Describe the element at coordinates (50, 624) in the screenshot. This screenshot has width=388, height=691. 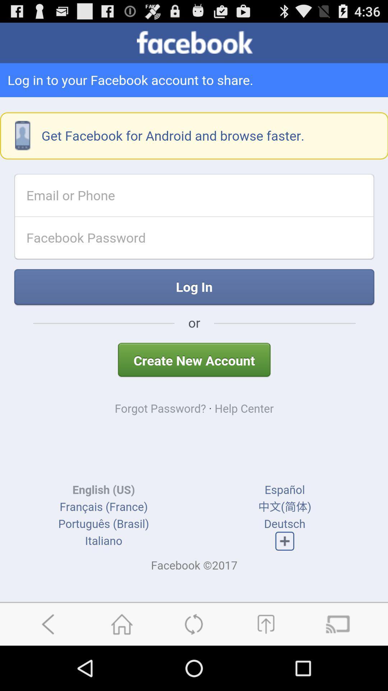
I see `go back` at that location.